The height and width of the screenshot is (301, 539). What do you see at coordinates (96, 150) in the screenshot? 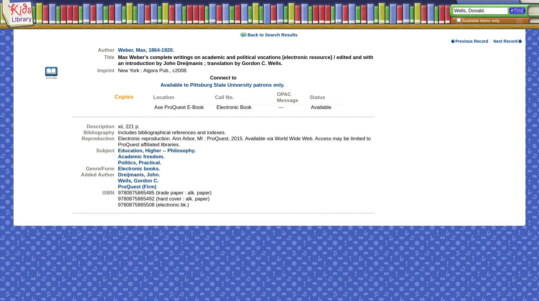
I see `'Subject'` at bounding box center [96, 150].